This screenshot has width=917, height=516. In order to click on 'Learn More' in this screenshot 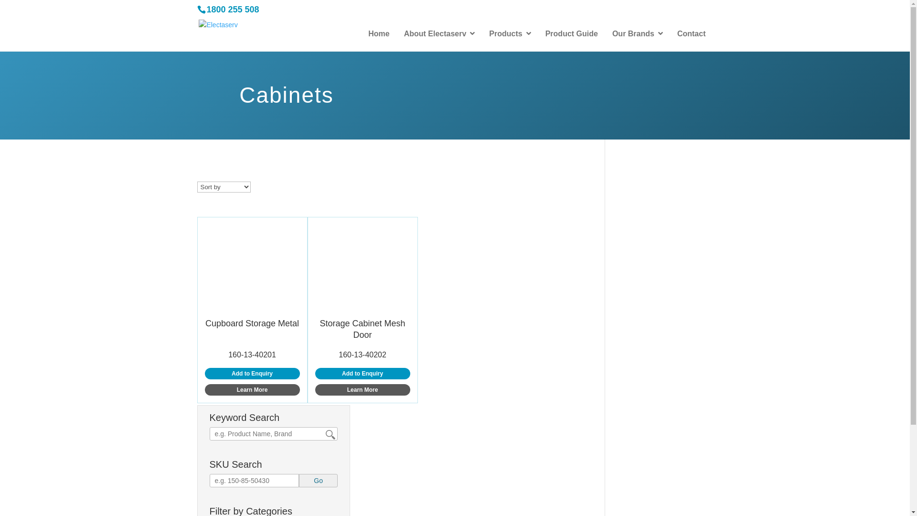, I will do `click(252, 390)`.